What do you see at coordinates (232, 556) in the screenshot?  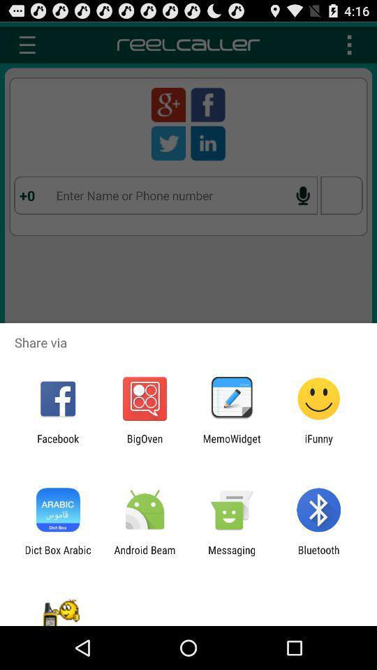 I see `the app next to bluetooth icon` at bounding box center [232, 556].